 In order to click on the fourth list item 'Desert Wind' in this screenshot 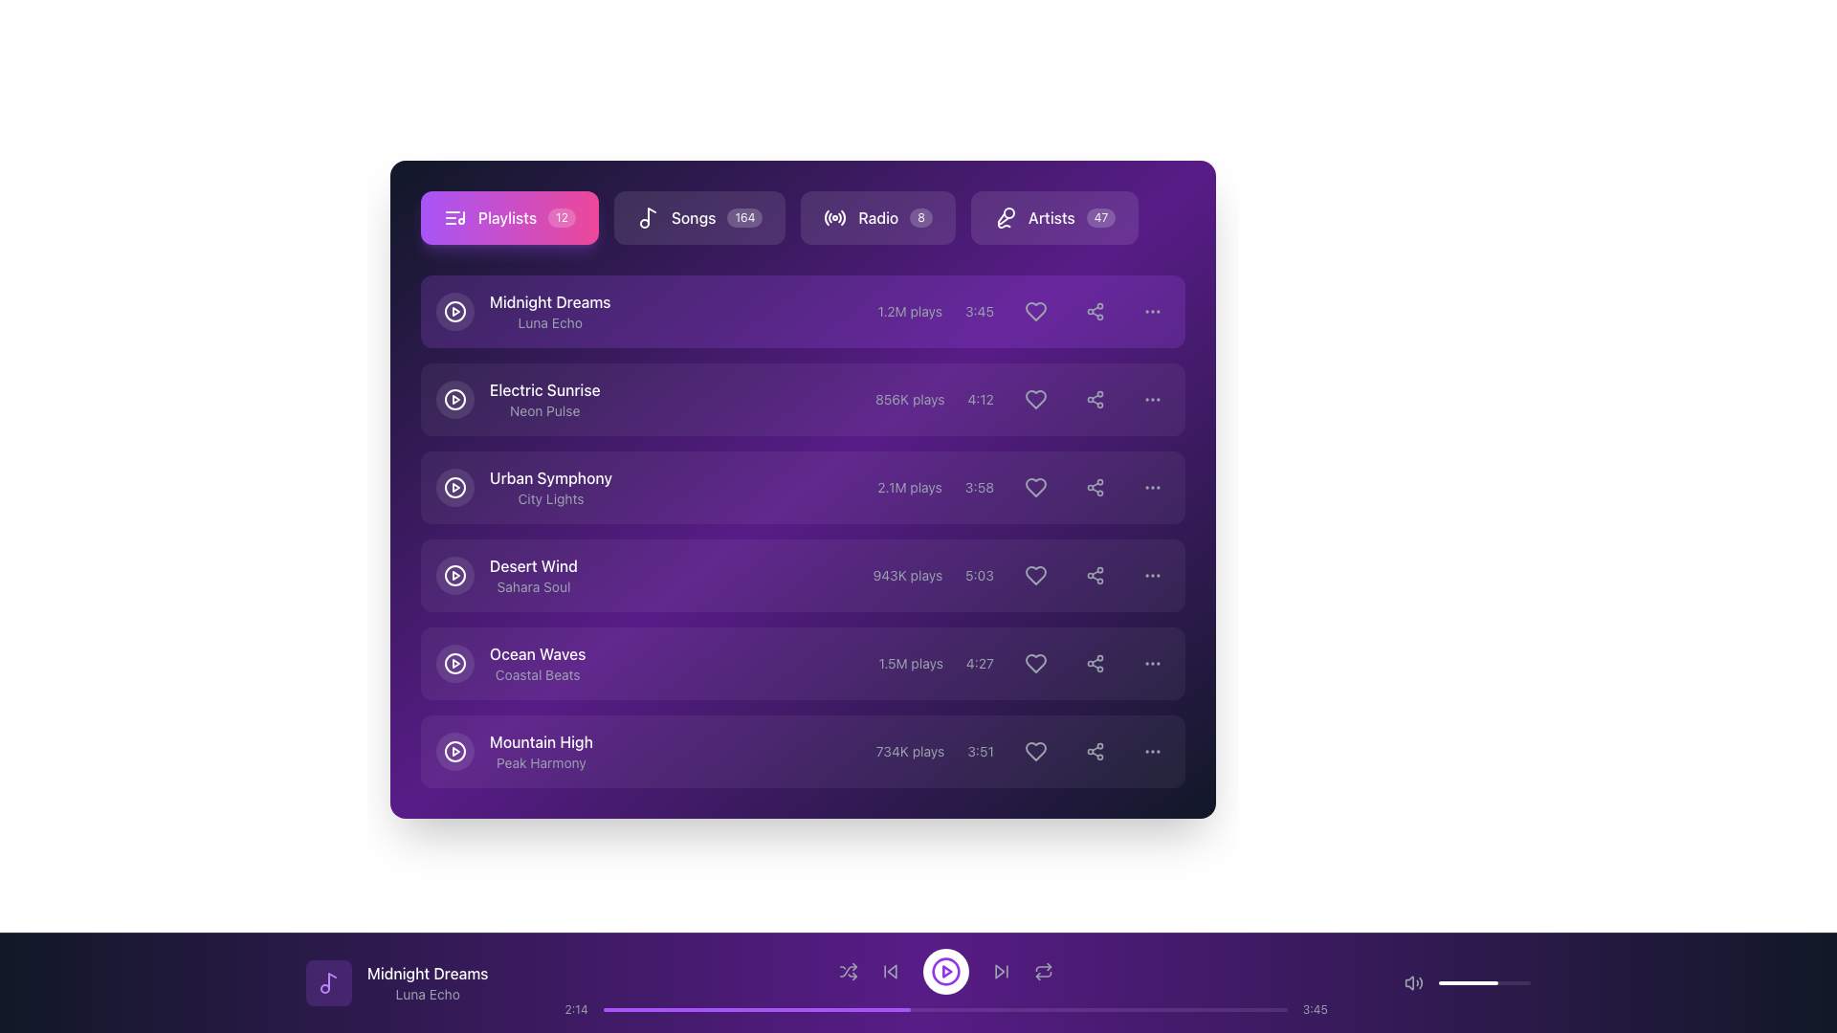, I will do `click(803, 574)`.